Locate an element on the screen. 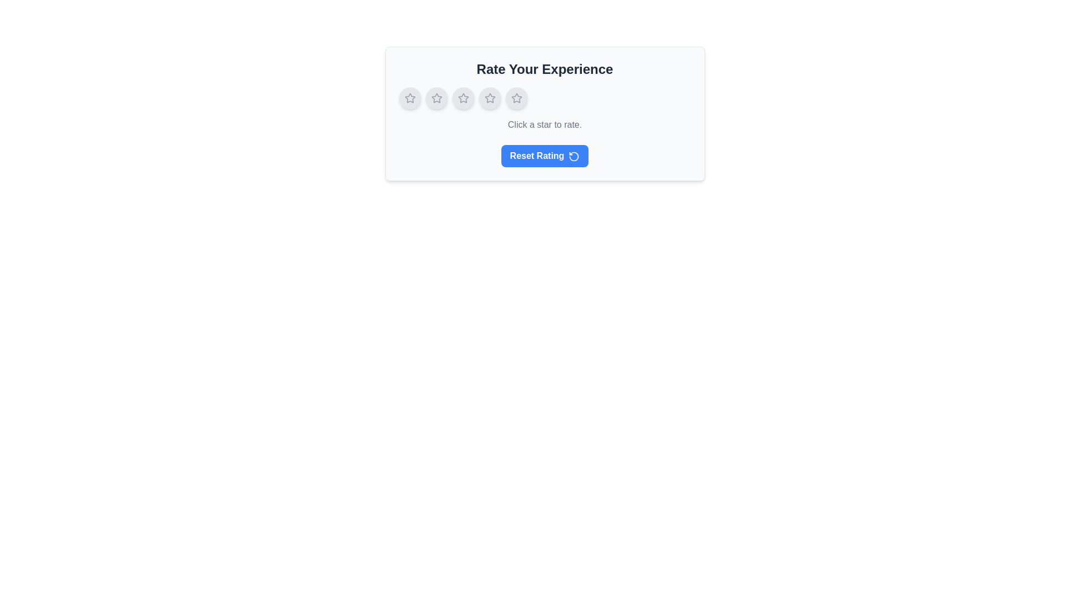 Image resolution: width=1066 pixels, height=600 pixels. the third circular rating button under the title 'Rate Your Experience' is located at coordinates (463, 98).